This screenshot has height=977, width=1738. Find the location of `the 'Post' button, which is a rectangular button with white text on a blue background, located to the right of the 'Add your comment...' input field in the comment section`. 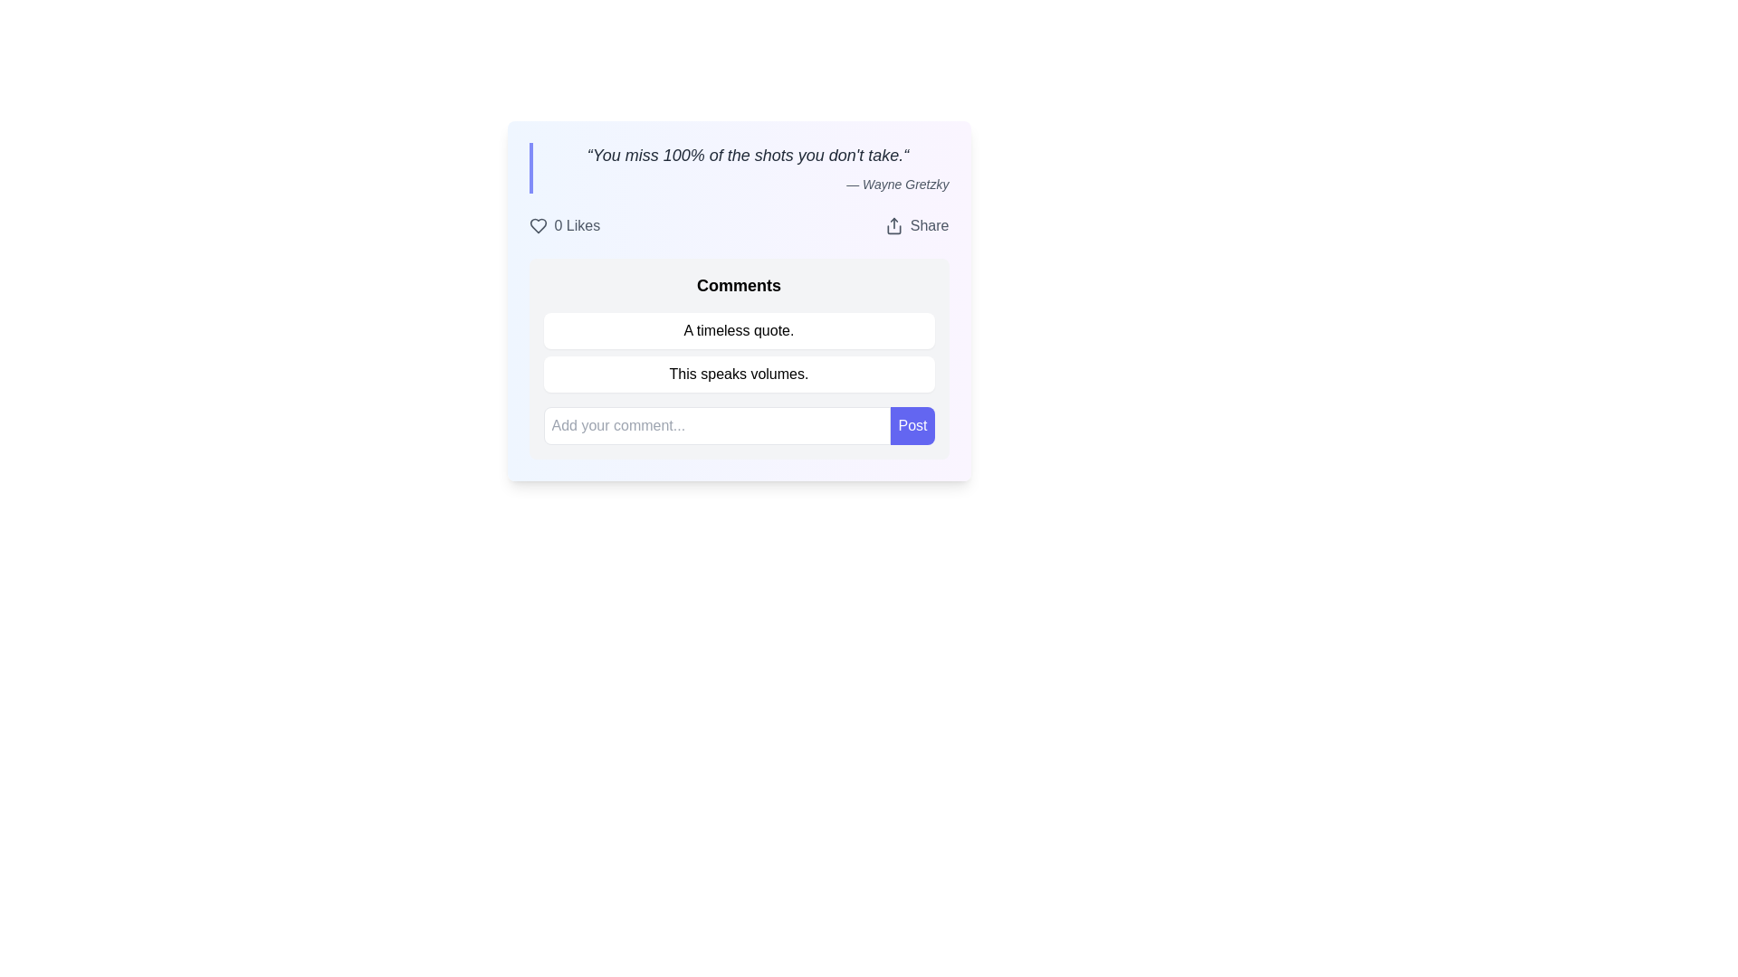

the 'Post' button, which is a rectangular button with white text on a blue background, located to the right of the 'Add your comment...' input field in the comment section is located at coordinates (912, 425).